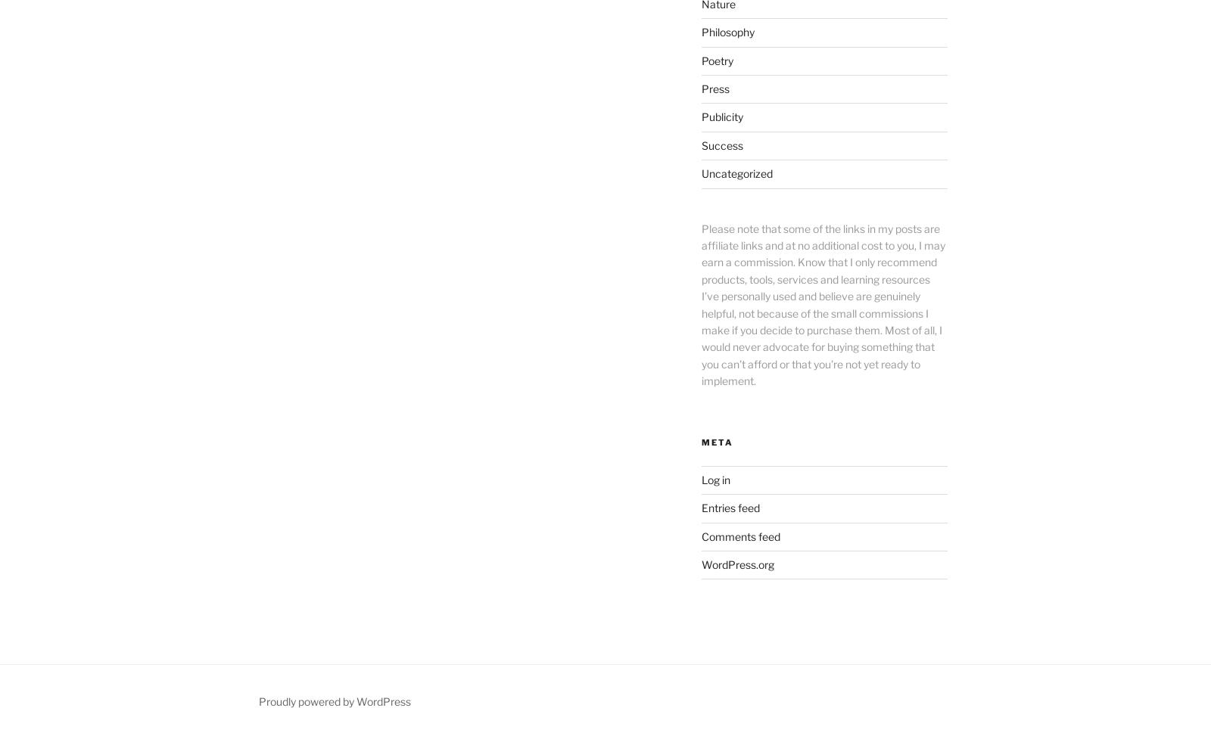 The height and width of the screenshot is (736, 1211). I want to click on 'Poetry', so click(716, 59).